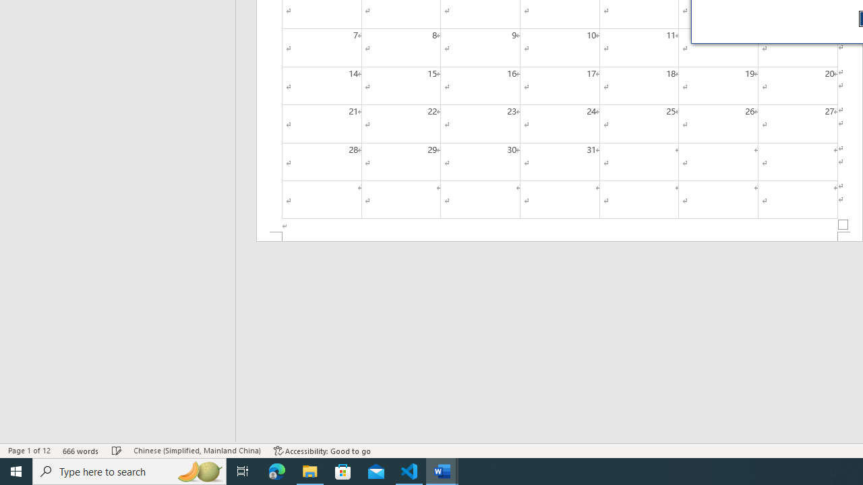 The height and width of the screenshot is (485, 863). Describe the element at coordinates (242, 470) in the screenshot. I see `'Task View'` at that location.